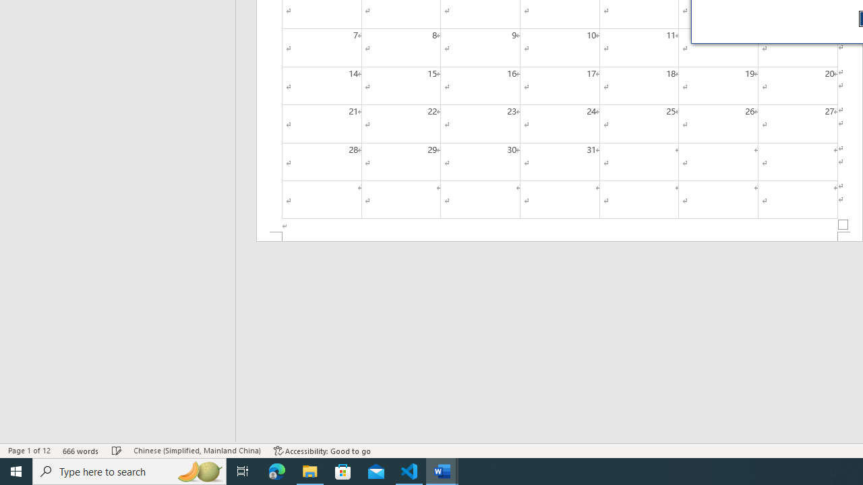 The height and width of the screenshot is (485, 863). Describe the element at coordinates (242, 470) in the screenshot. I see `'Task View'` at that location.